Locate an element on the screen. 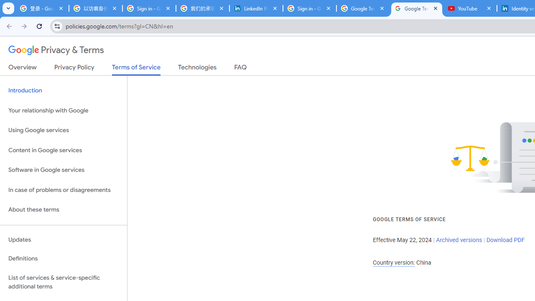  'About these terms' is located at coordinates (63, 209).